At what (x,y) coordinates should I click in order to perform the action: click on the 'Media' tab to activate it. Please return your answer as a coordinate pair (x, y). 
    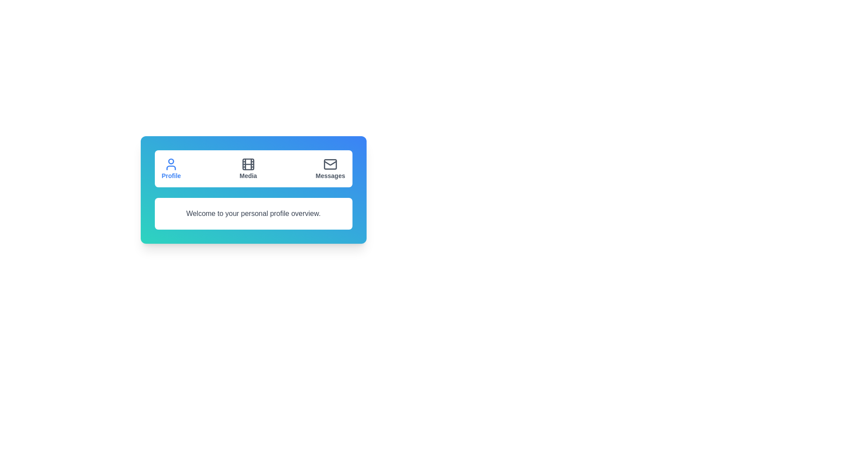
    Looking at the image, I should click on (247, 168).